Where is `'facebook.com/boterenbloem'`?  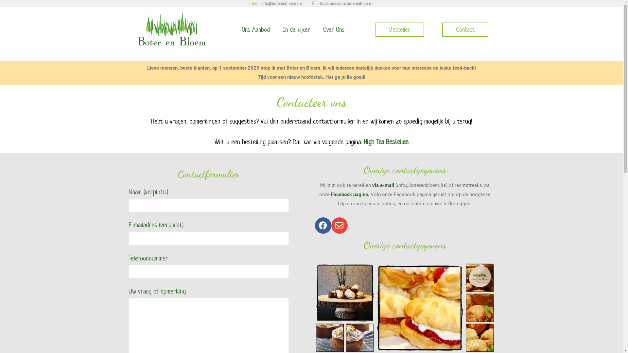 'facebook.com/boterenbloem' is located at coordinates (340, 4).